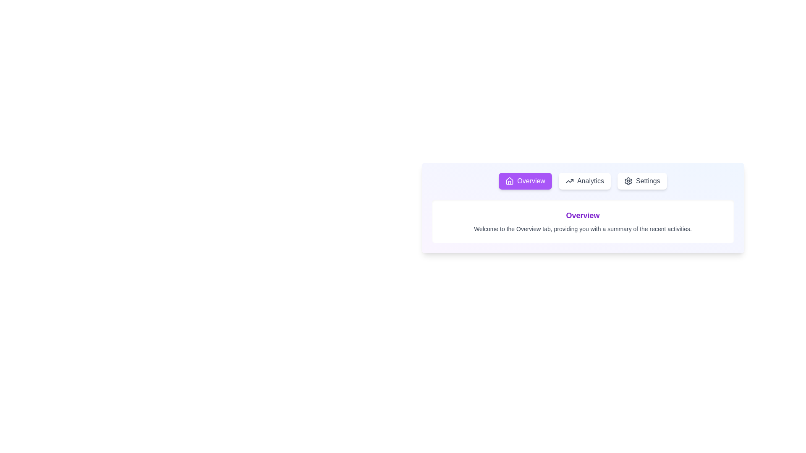 Image resolution: width=806 pixels, height=453 pixels. What do you see at coordinates (525, 181) in the screenshot?
I see `the rectangular button with a purple background and white text and icon labeled 'Overview'` at bounding box center [525, 181].